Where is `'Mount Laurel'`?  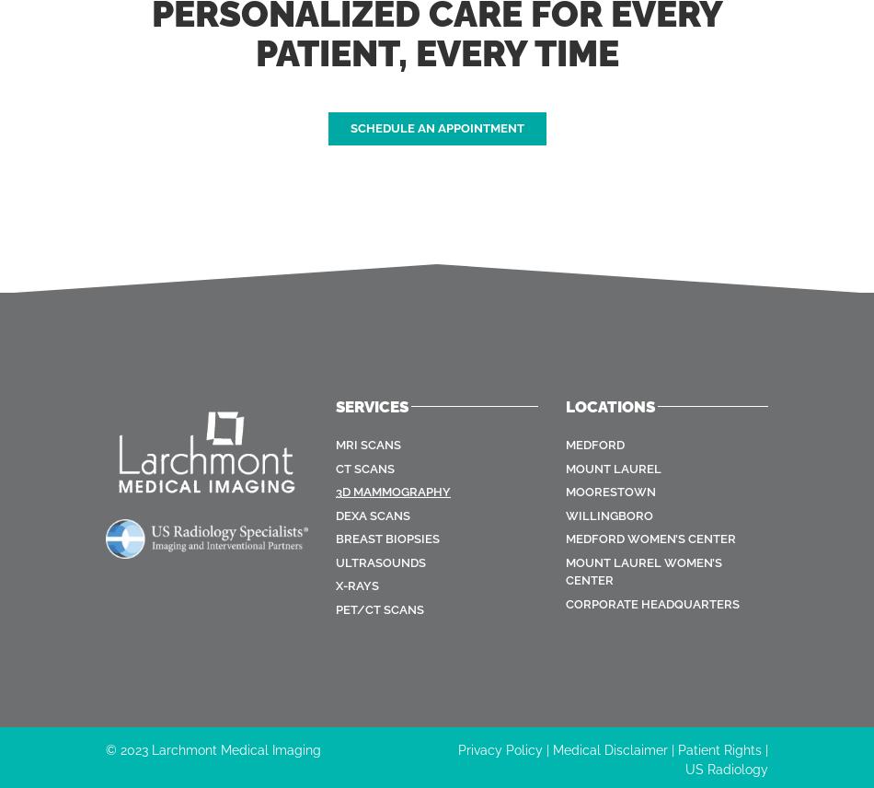 'Mount Laurel' is located at coordinates (613, 468).